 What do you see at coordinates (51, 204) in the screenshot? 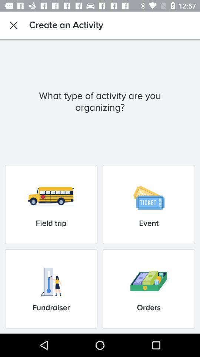
I see `icon below what type of item` at bounding box center [51, 204].